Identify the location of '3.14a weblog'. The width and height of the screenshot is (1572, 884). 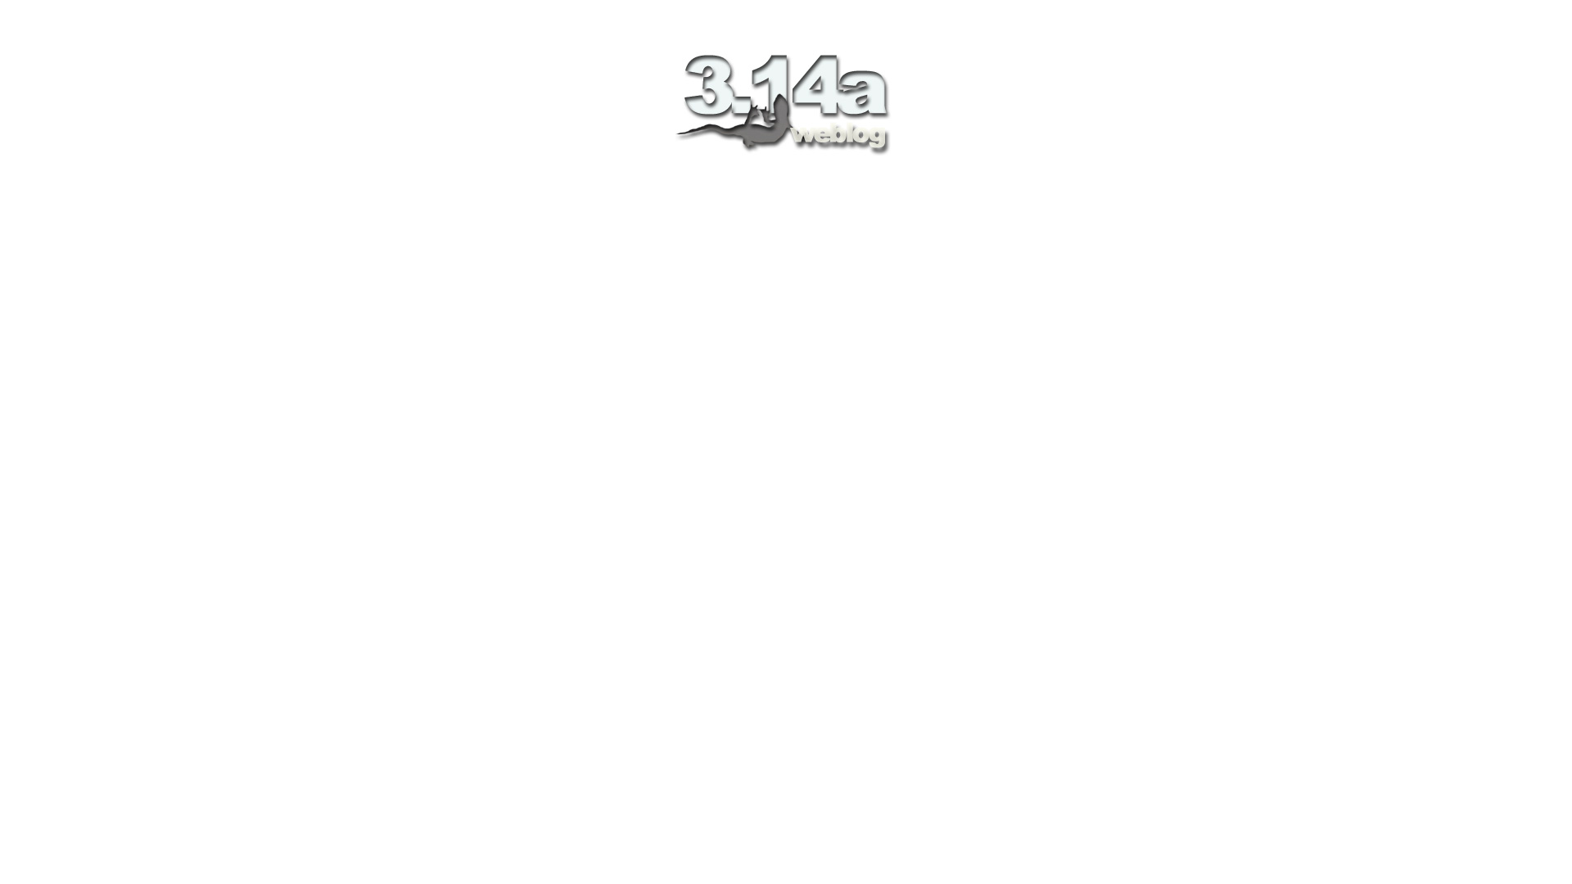
(786, 104).